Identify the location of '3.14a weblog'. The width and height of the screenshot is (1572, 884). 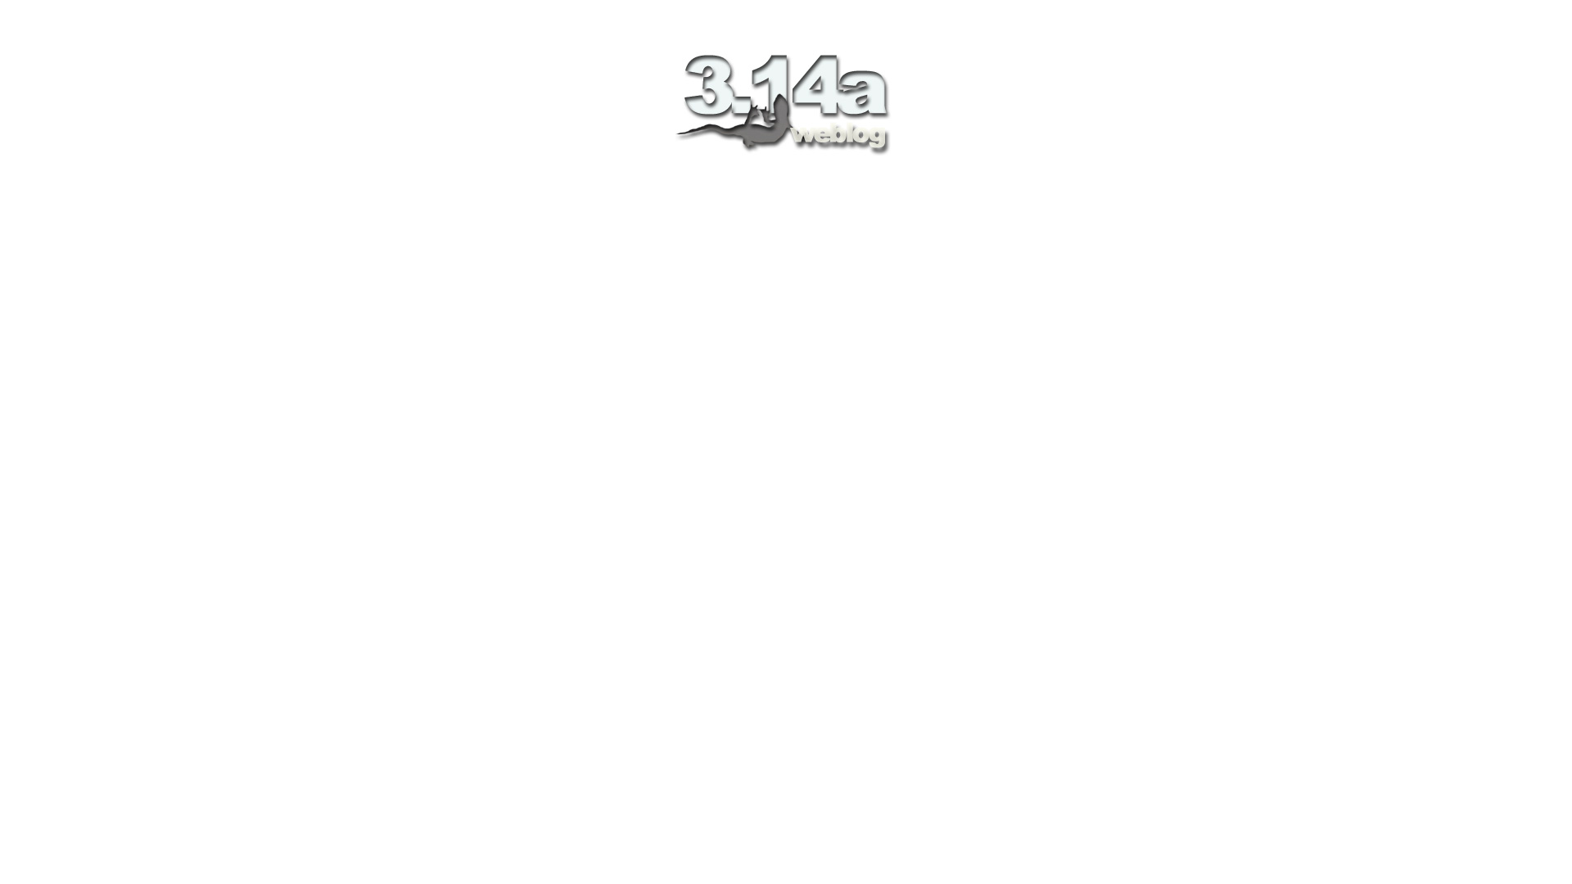
(786, 104).